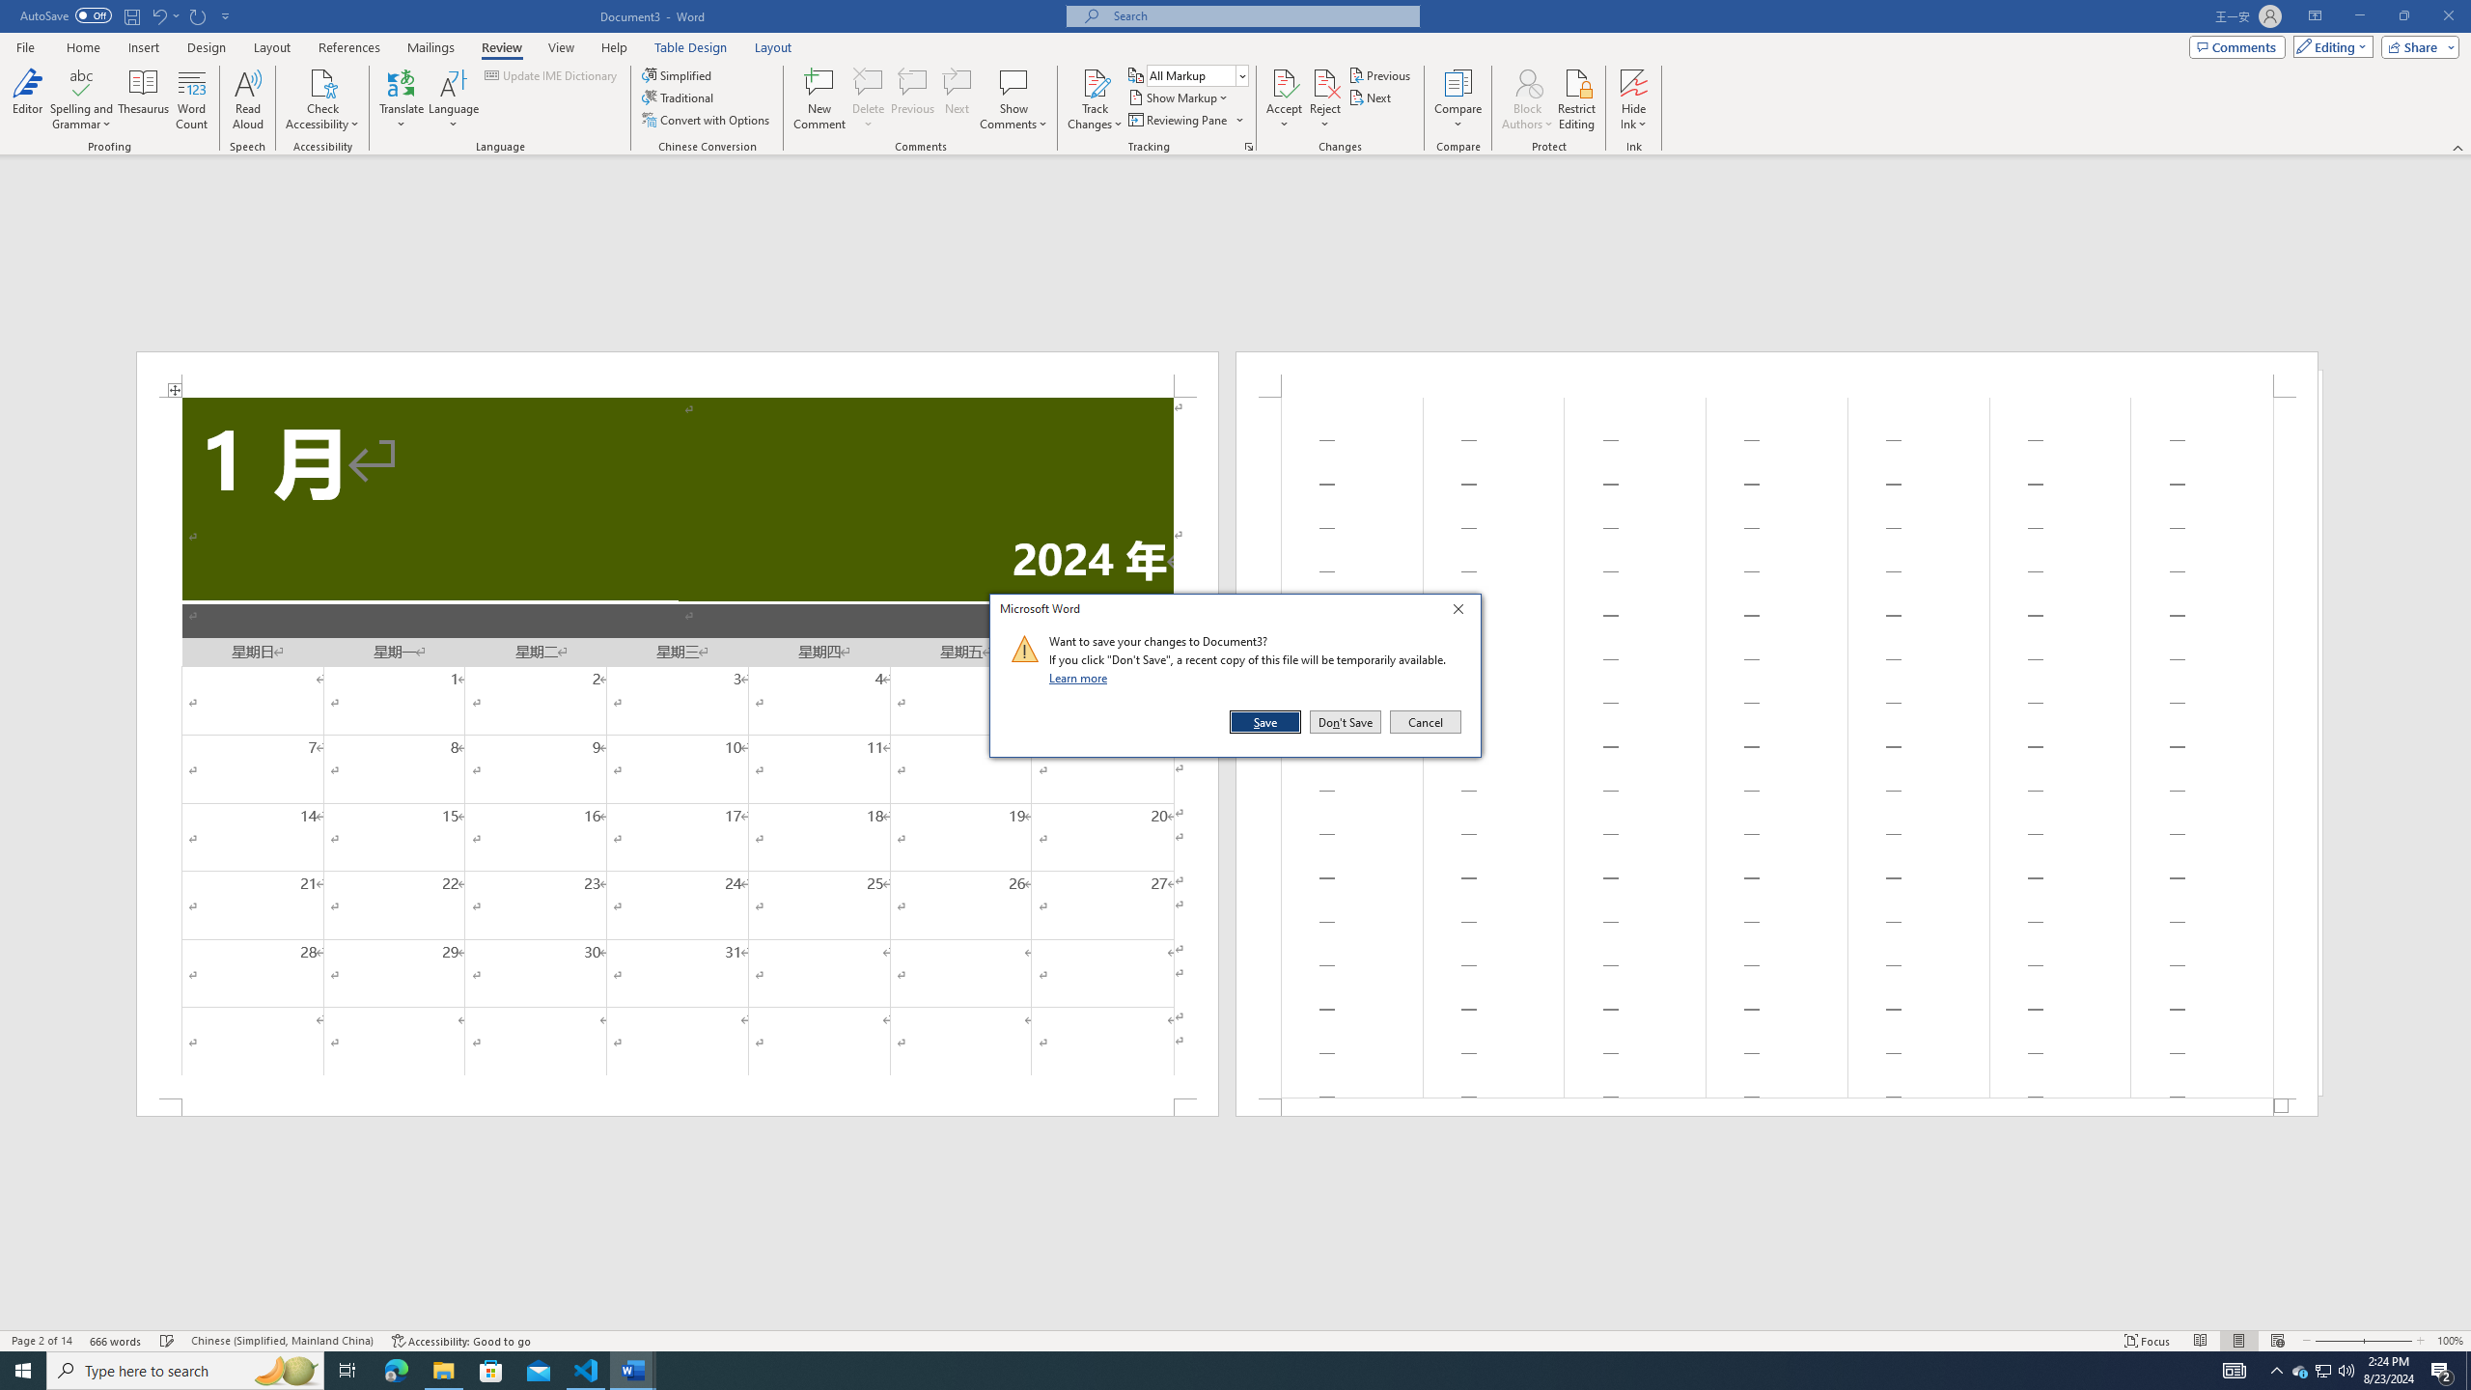  Describe the element at coordinates (157, 14) in the screenshot. I see `'Undo Apply Quick Style'` at that location.